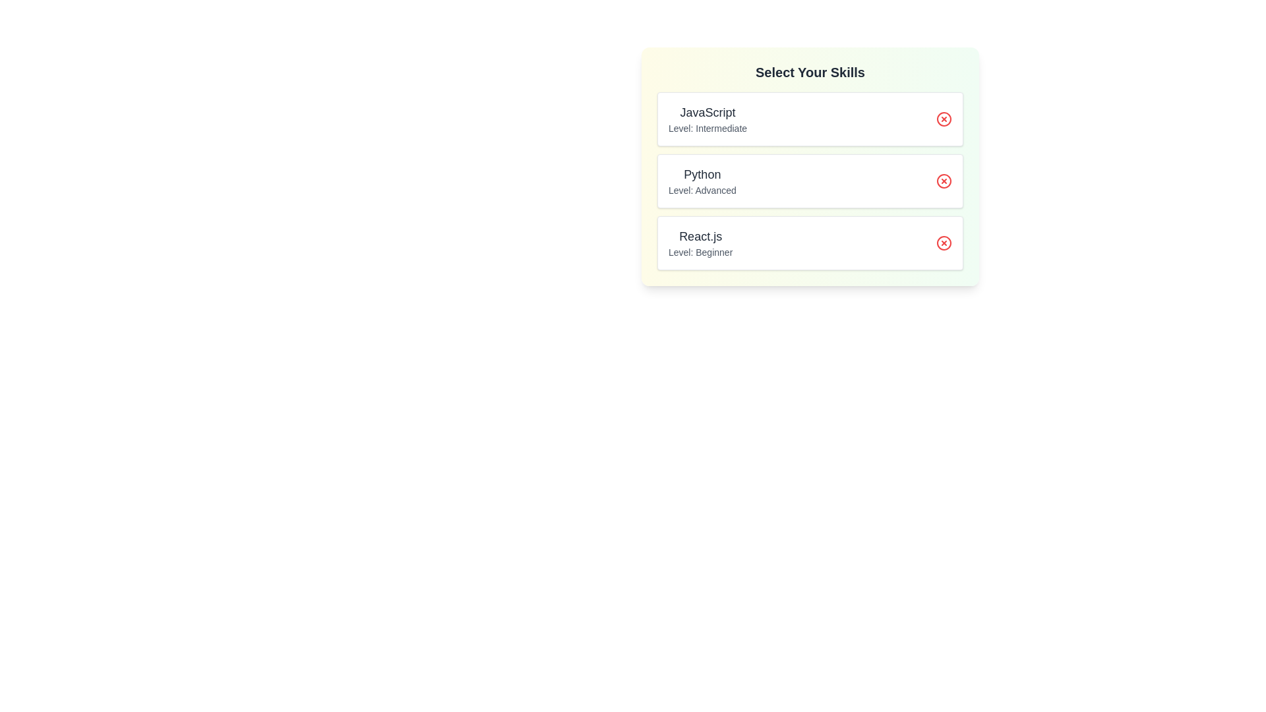 Image resolution: width=1266 pixels, height=712 pixels. I want to click on remove button for the skill 'JavaScript', so click(943, 119).